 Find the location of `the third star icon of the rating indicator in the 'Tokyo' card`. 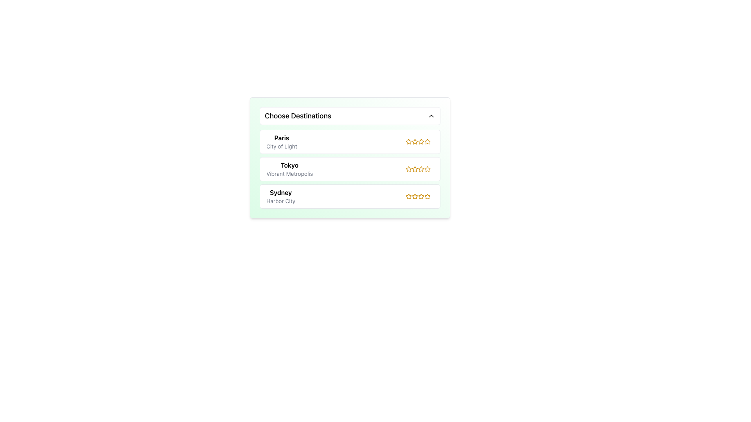

the third star icon of the rating indicator in the 'Tokyo' card is located at coordinates (419, 168).